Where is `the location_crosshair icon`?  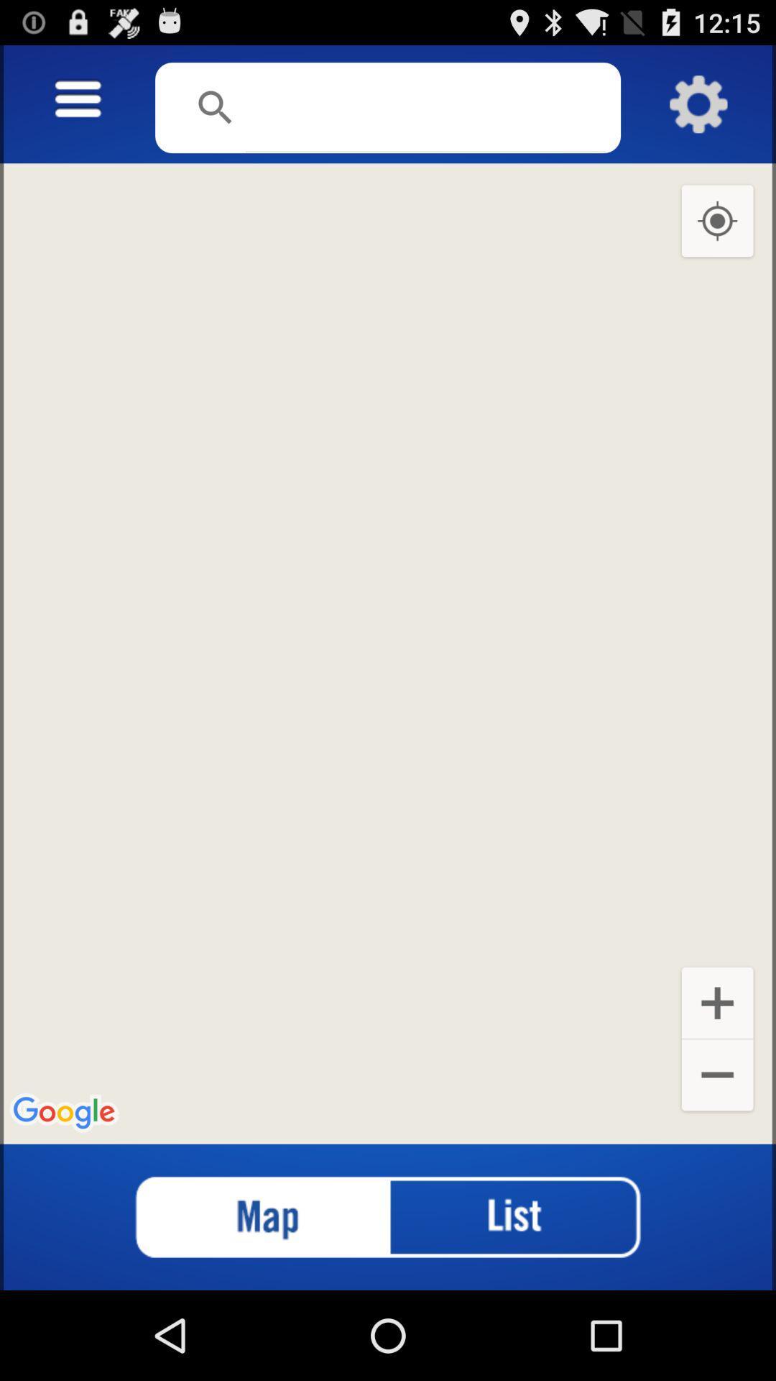
the location_crosshair icon is located at coordinates (717, 237).